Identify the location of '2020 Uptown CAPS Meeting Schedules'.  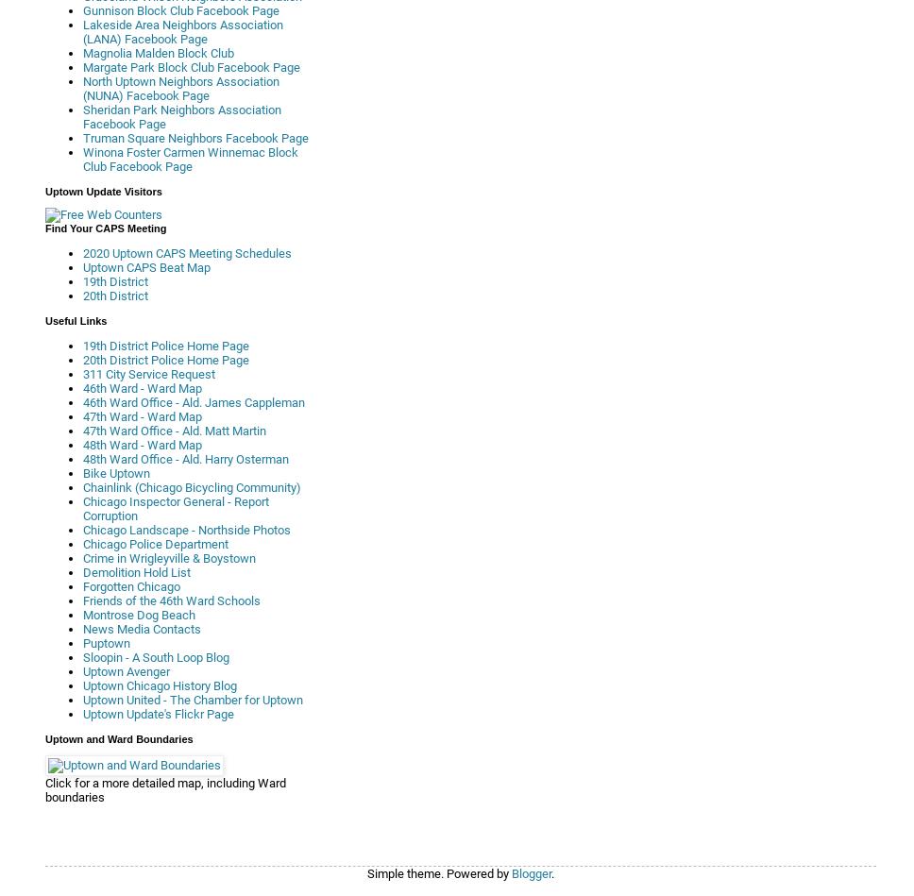
(187, 252).